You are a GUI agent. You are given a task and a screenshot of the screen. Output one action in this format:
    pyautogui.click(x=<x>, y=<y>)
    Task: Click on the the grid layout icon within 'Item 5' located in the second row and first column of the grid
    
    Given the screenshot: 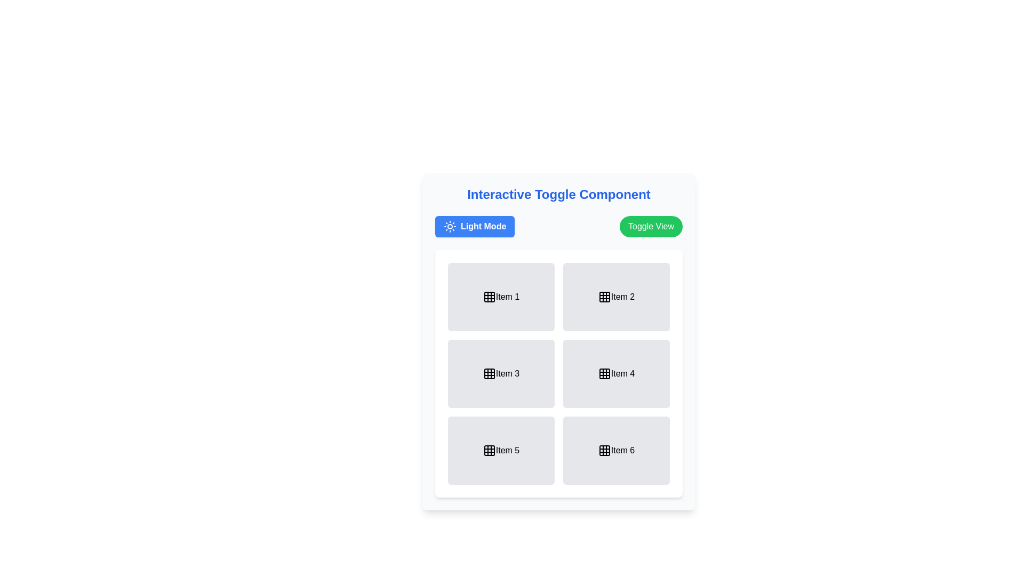 What is the action you would take?
    pyautogui.click(x=489, y=450)
    